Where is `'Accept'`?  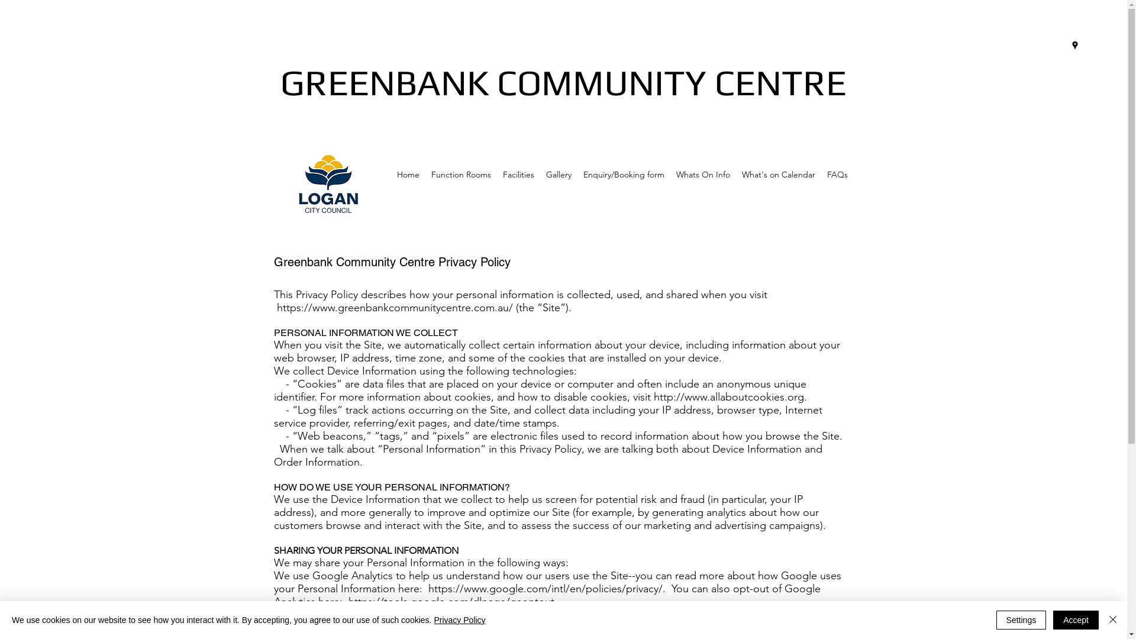 'Accept' is located at coordinates (1076, 619).